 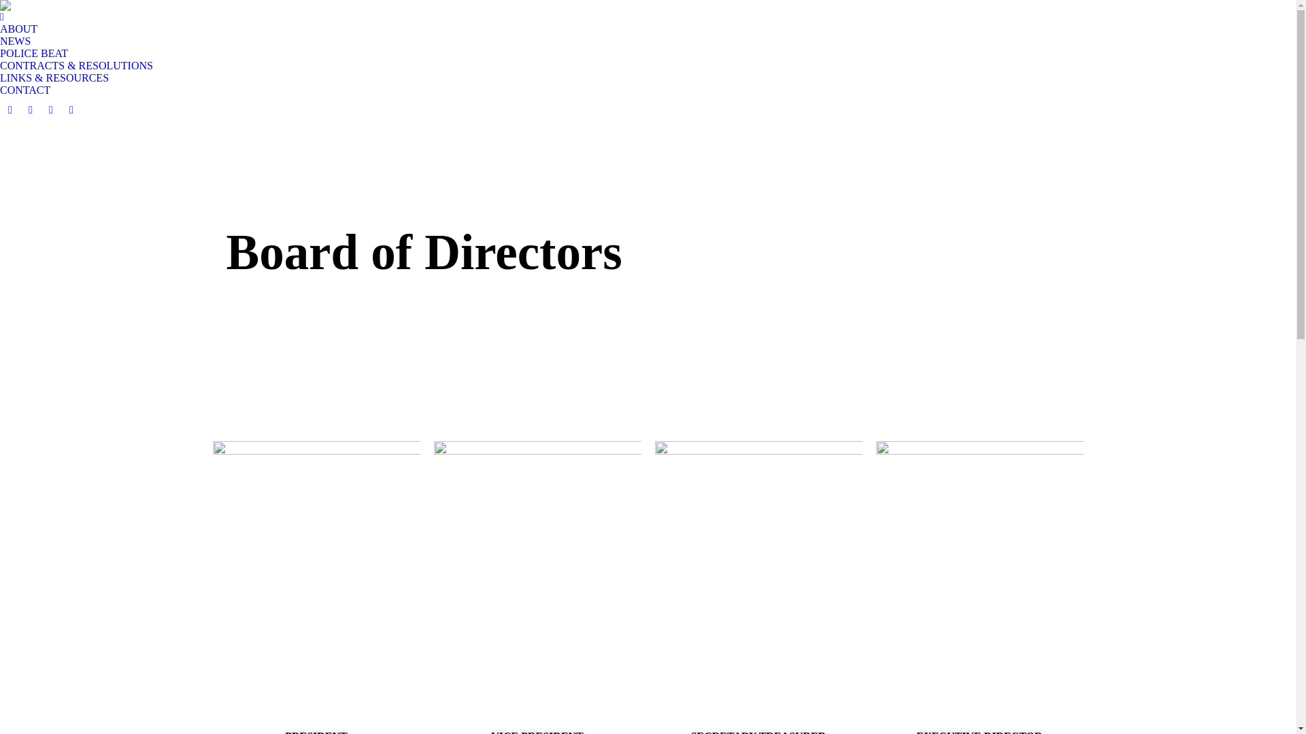 What do you see at coordinates (71, 109) in the screenshot?
I see `'Instagram page opens in new window'` at bounding box center [71, 109].